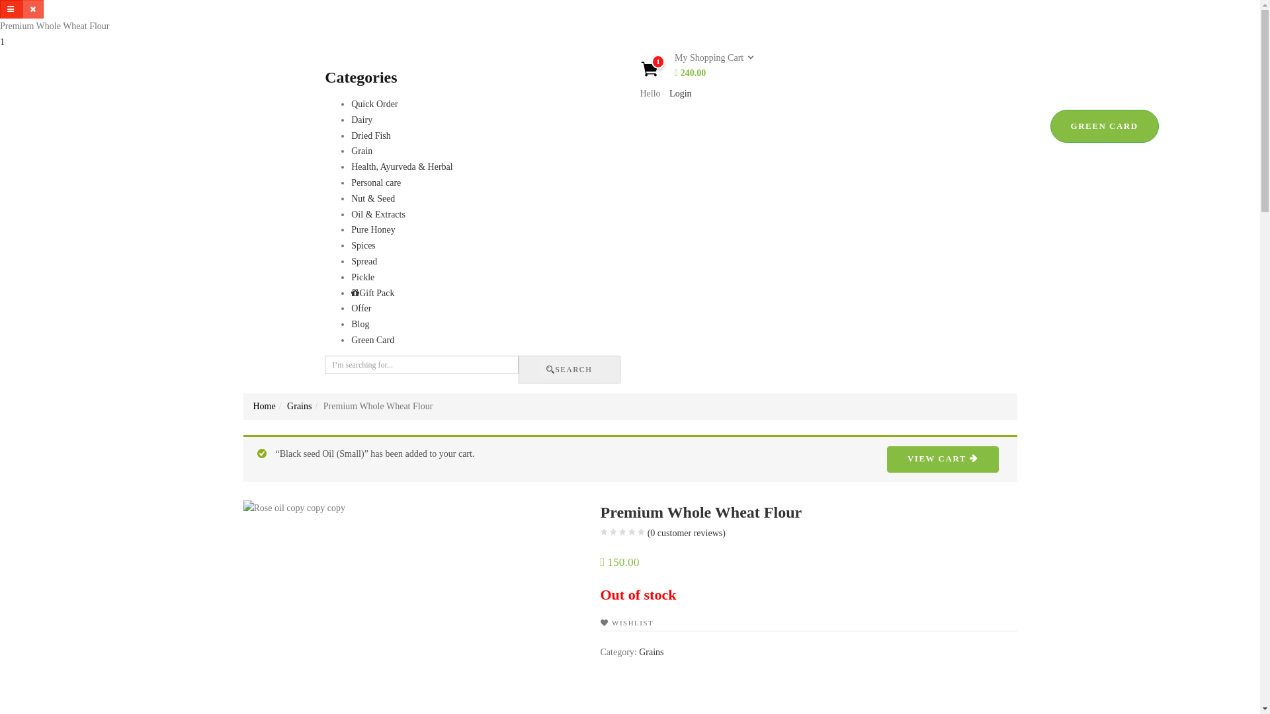  I want to click on '1', so click(2, 41).